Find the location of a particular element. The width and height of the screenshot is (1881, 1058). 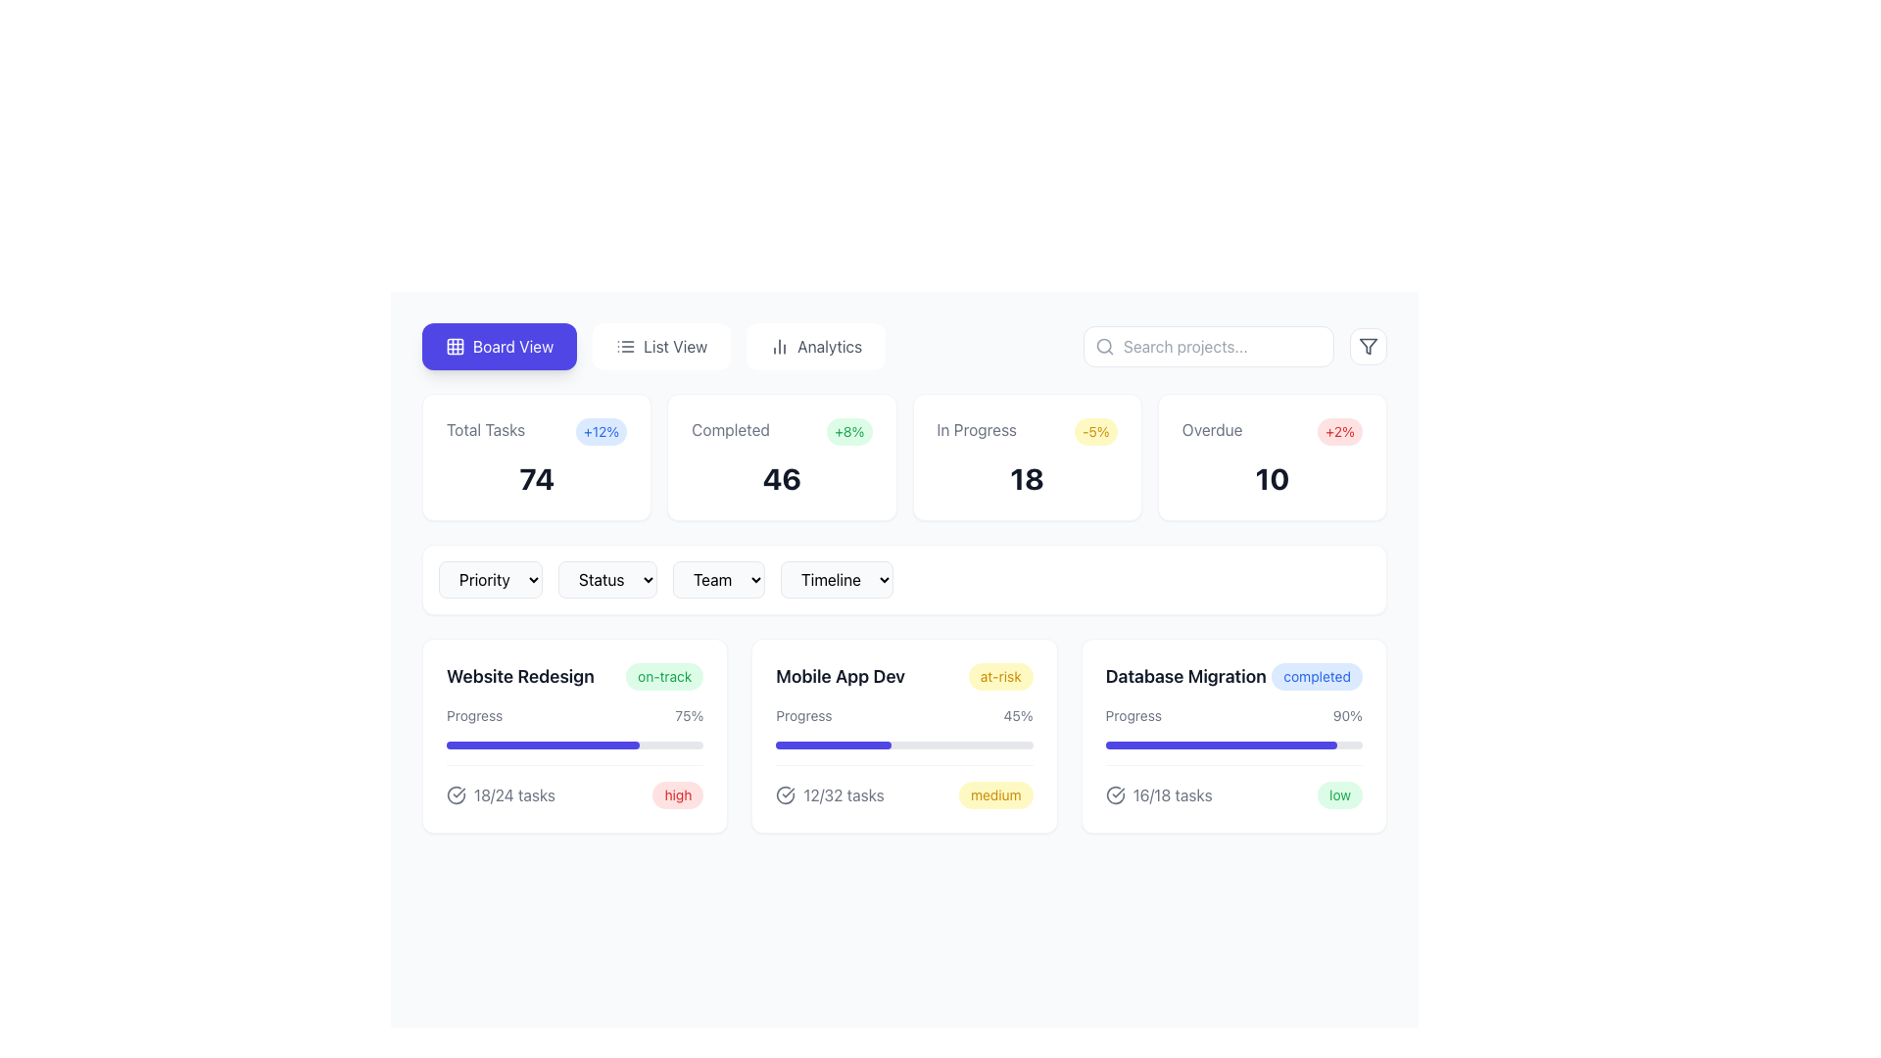

the text element displaying '75%' which is located next to the label 'Progress' in the progress information section of the 'Website Redesign' card is located at coordinates (689, 716).